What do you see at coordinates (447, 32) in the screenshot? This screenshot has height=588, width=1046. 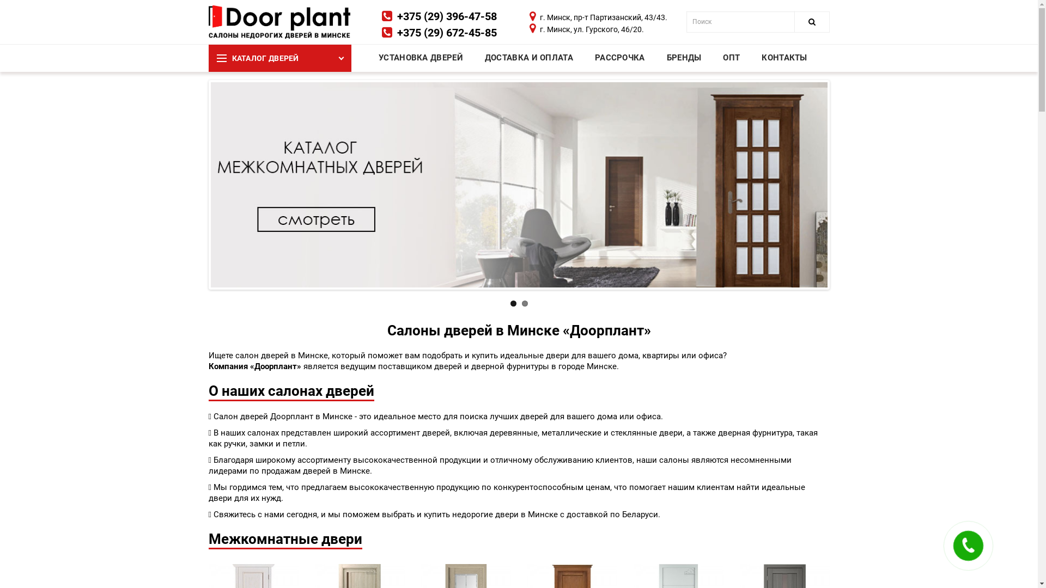 I see `'+375 (29) 672-45-85'` at bounding box center [447, 32].